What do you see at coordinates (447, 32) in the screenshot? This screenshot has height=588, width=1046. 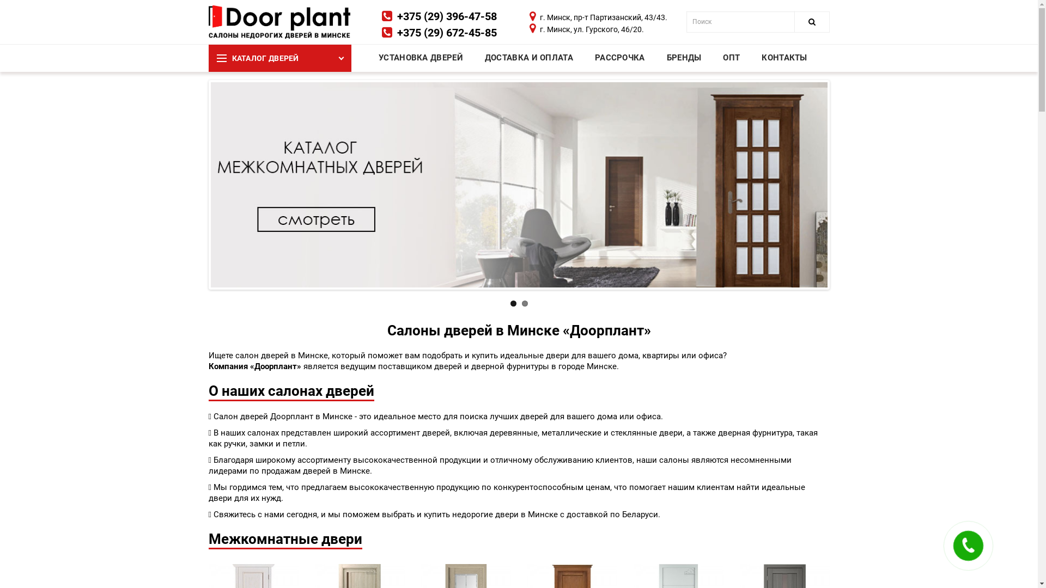 I see `'+375 (29) 672-45-85'` at bounding box center [447, 32].